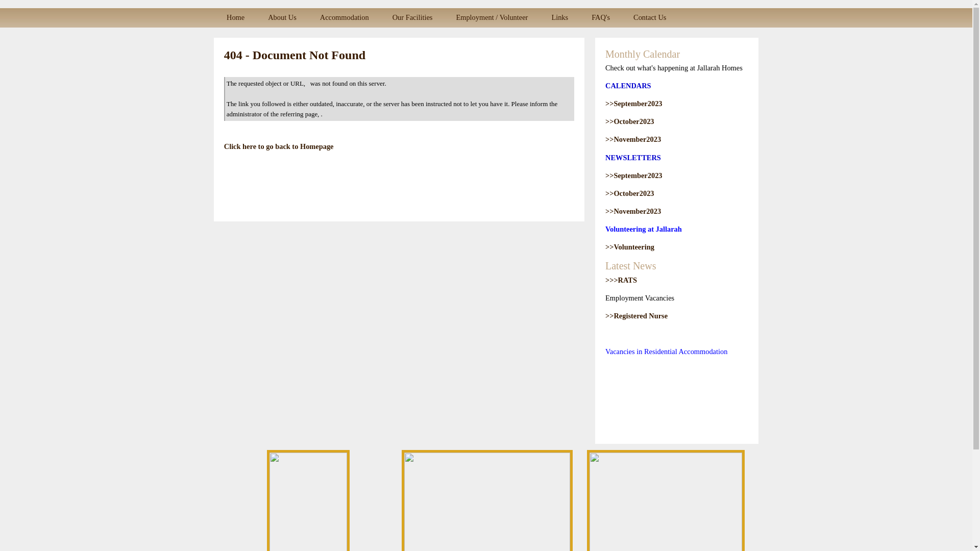 The image size is (980, 551). Describe the element at coordinates (345, 17) in the screenshot. I see `'Accommodation'` at that location.